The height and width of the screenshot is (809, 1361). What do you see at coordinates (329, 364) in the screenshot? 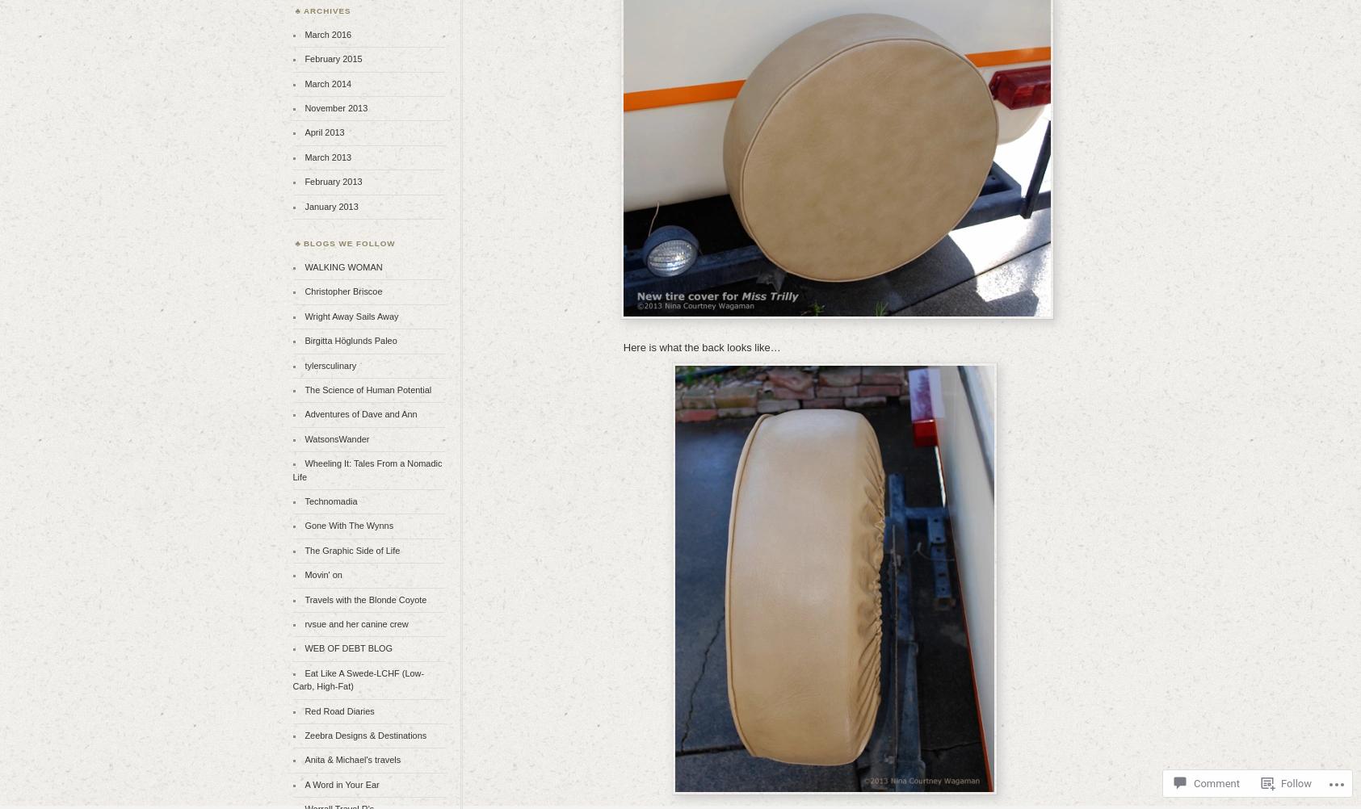
I see `'tylersculinary'` at bounding box center [329, 364].